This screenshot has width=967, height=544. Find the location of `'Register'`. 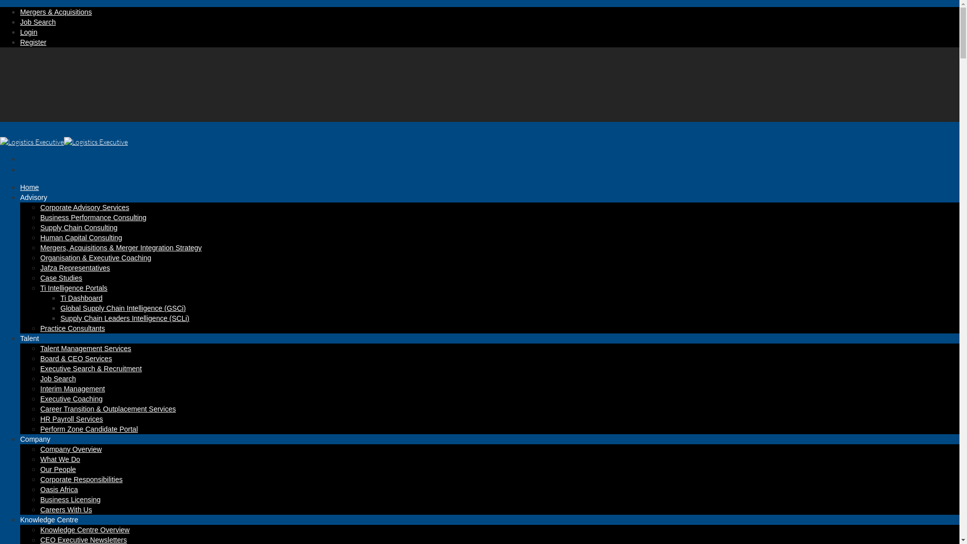

'Register' is located at coordinates (33, 42).